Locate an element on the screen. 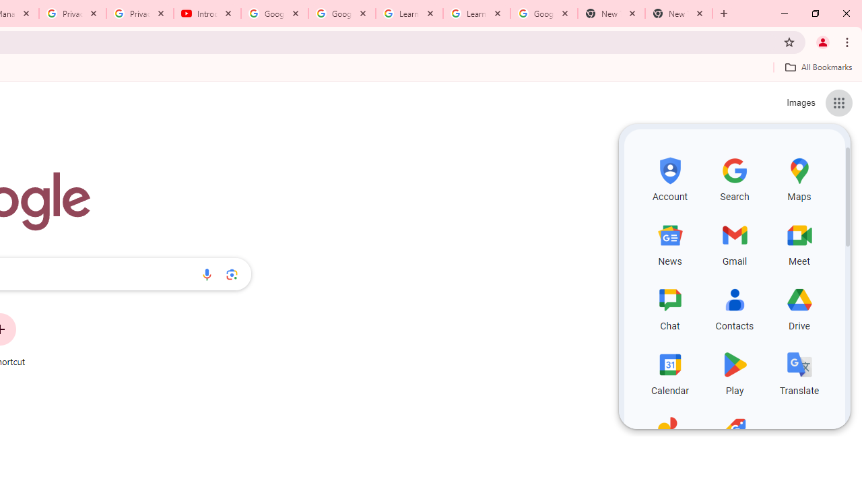 Image resolution: width=862 pixels, height=485 pixels. 'Gmail, row 2 of 5 and column 2 of 3 in the first section' is located at coordinates (734, 243).